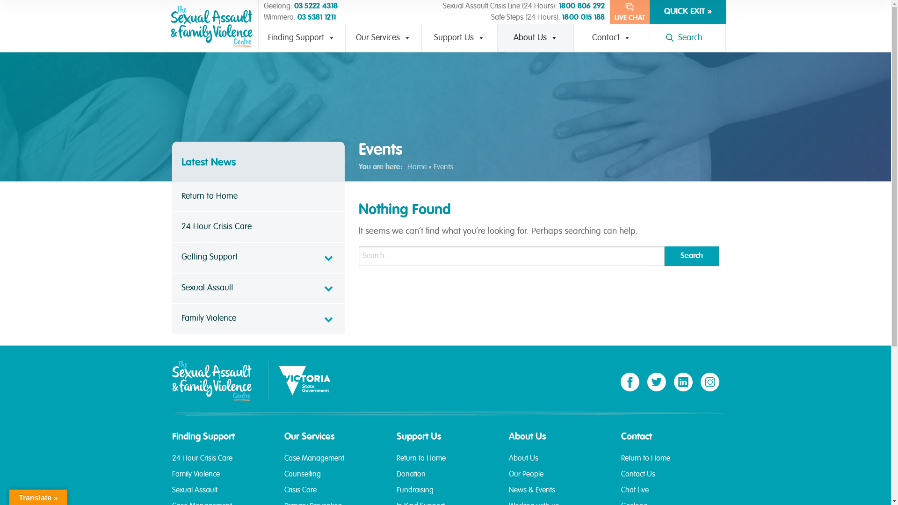 This screenshot has height=505, width=898. What do you see at coordinates (407, 167) in the screenshot?
I see `'Home'` at bounding box center [407, 167].